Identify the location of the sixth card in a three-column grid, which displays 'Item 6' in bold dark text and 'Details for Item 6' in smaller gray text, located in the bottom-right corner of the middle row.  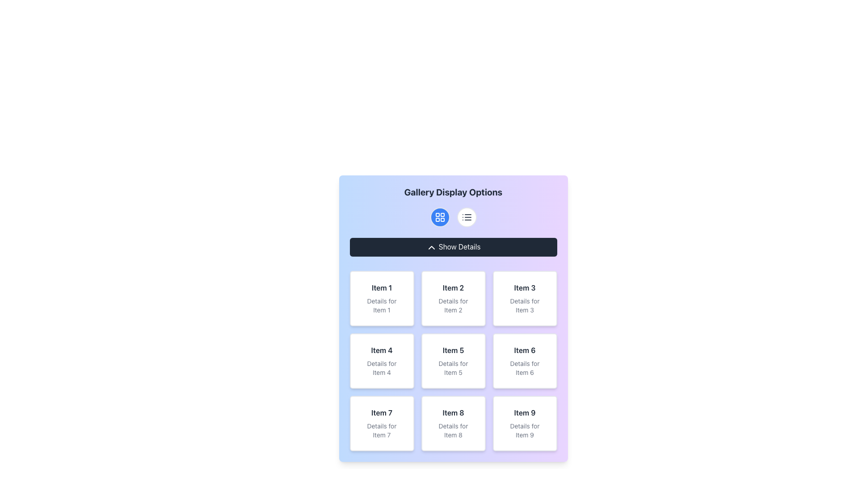
(525, 360).